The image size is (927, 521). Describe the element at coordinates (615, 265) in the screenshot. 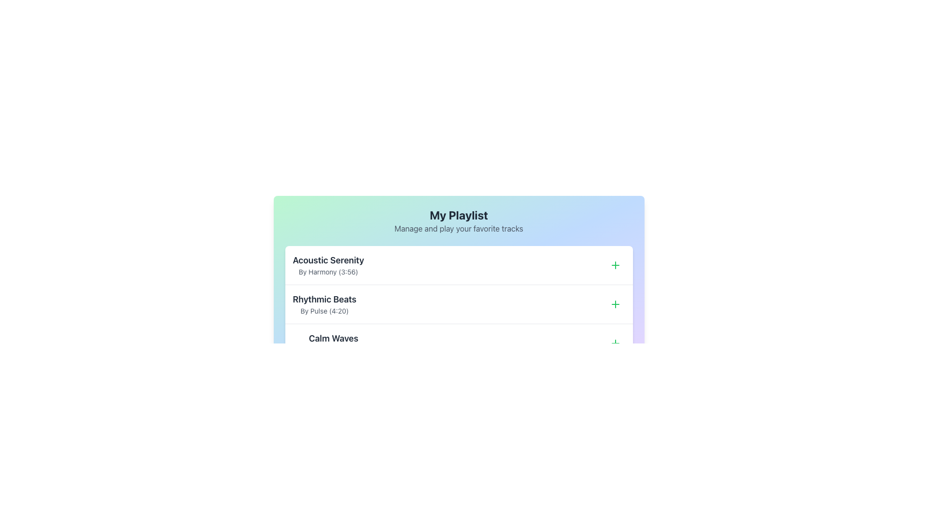

I see `the green plus sign icon button located to the far right of the 'Acoustic Serenity' list item` at that location.